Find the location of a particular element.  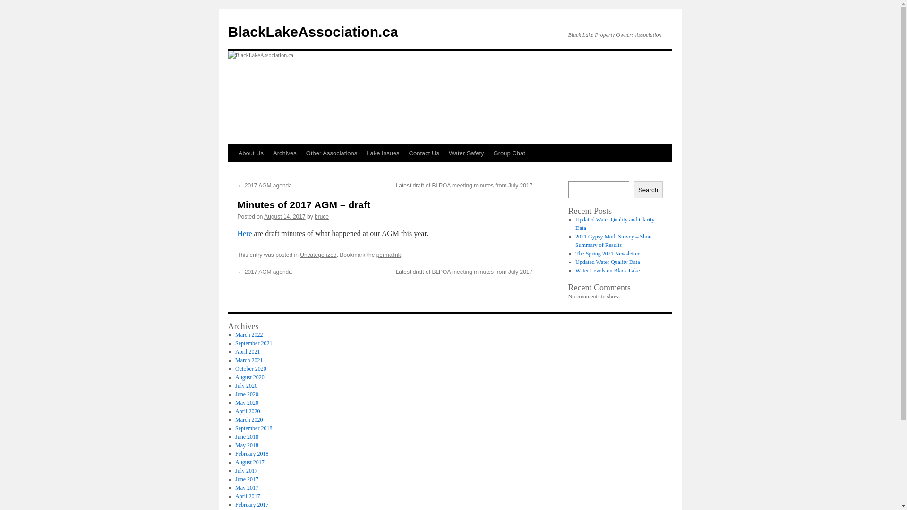

'July 2020' is located at coordinates (246, 386).